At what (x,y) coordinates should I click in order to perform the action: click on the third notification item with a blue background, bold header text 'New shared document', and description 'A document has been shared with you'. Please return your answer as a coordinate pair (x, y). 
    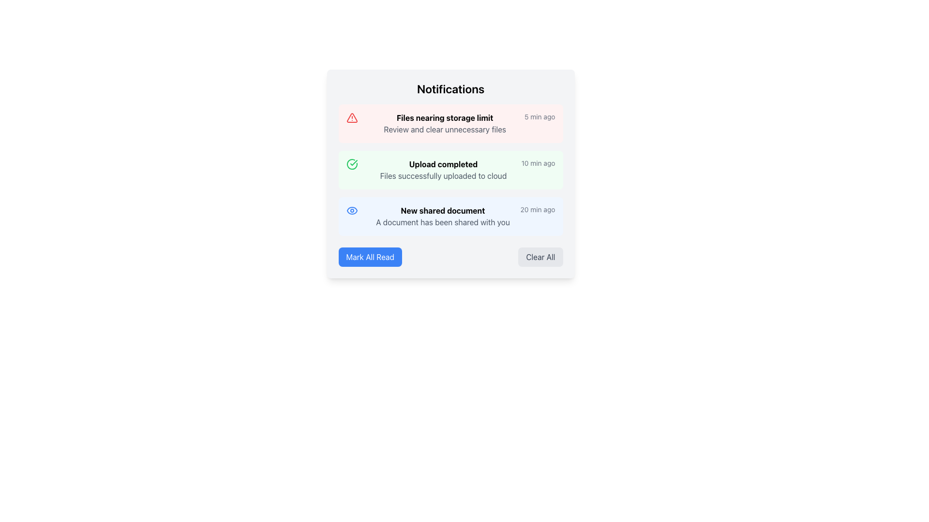
    Looking at the image, I should click on (450, 216).